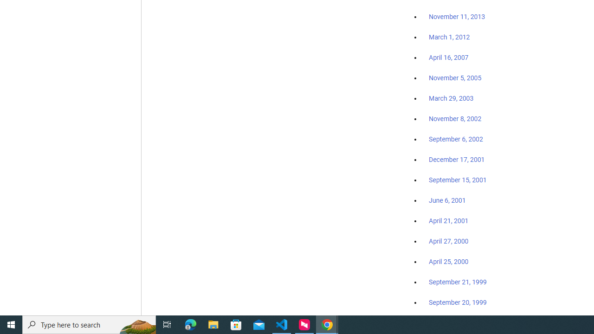 The height and width of the screenshot is (334, 594). Describe the element at coordinates (455, 118) in the screenshot. I see `'November 8, 2002'` at that location.